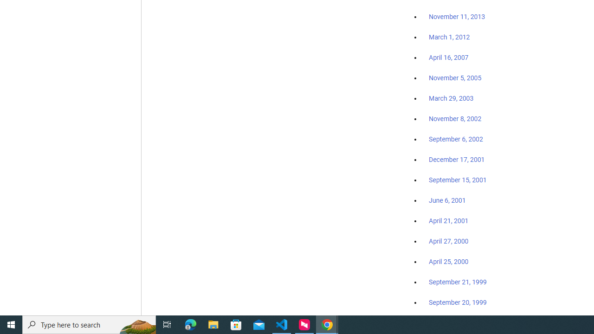 The height and width of the screenshot is (334, 594). Describe the element at coordinates (455, 118) in the screenshot. I see `'November 8, 2002'` at that location.